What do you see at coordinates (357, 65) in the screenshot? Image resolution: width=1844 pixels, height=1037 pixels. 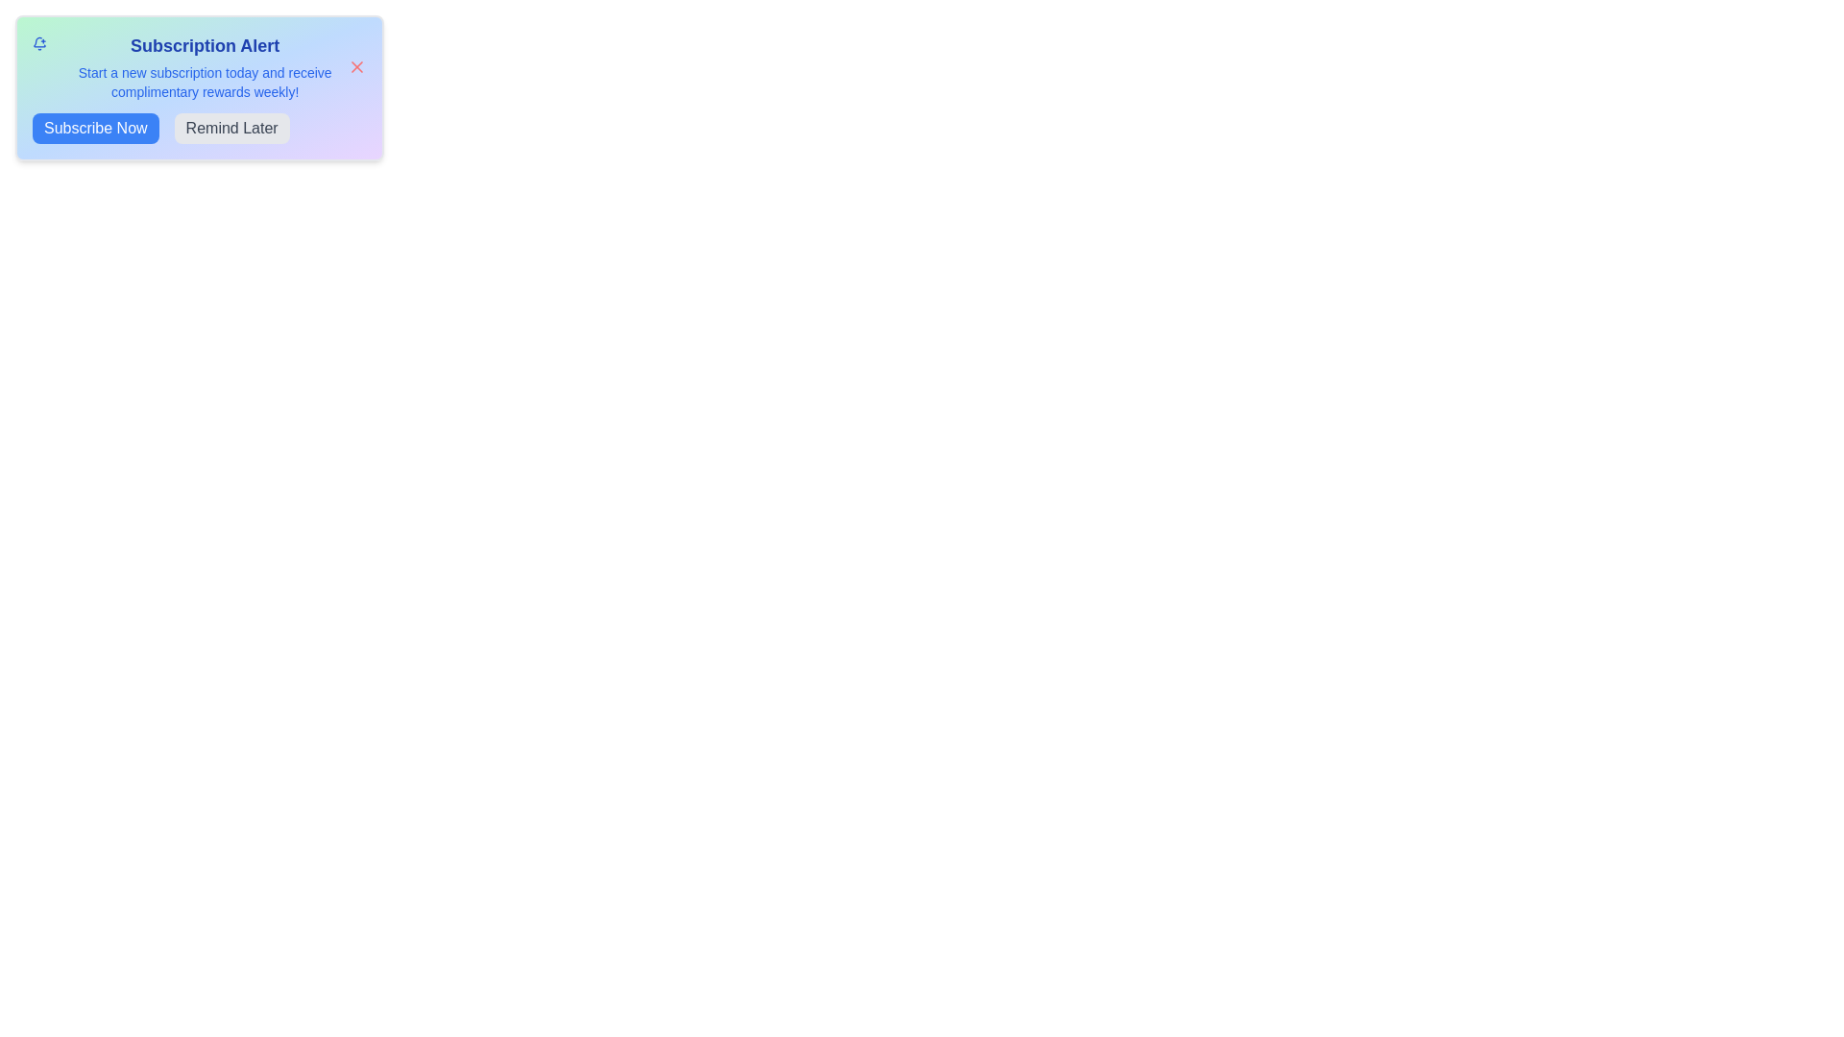 I see `the close button (X) to dismiss the alert` at bounding box center [357, 65].